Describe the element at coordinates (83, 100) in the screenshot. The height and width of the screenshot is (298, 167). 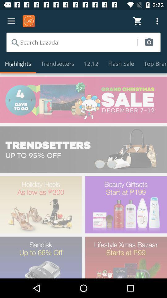
I see `open sale information` at that location.